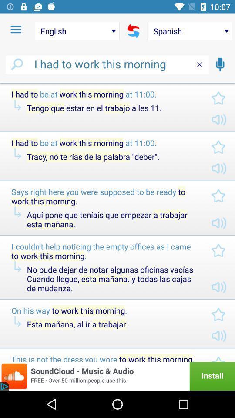 This screenshot has height=418, width=235. What do you see at coordinates (219, 64) in the screenshot?
I see `the icon below the spanish` at bounding box center [219, 64].